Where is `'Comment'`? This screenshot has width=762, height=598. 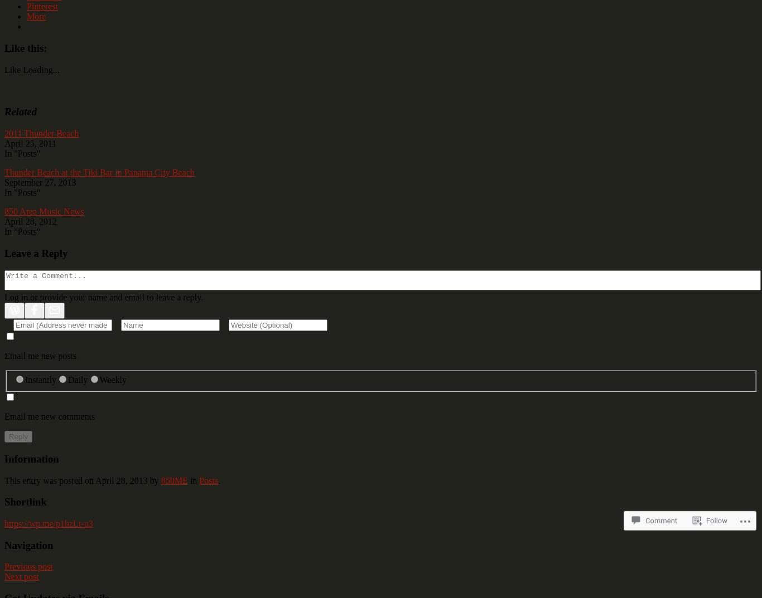 'Comment' is located at coordinates (645, 501).